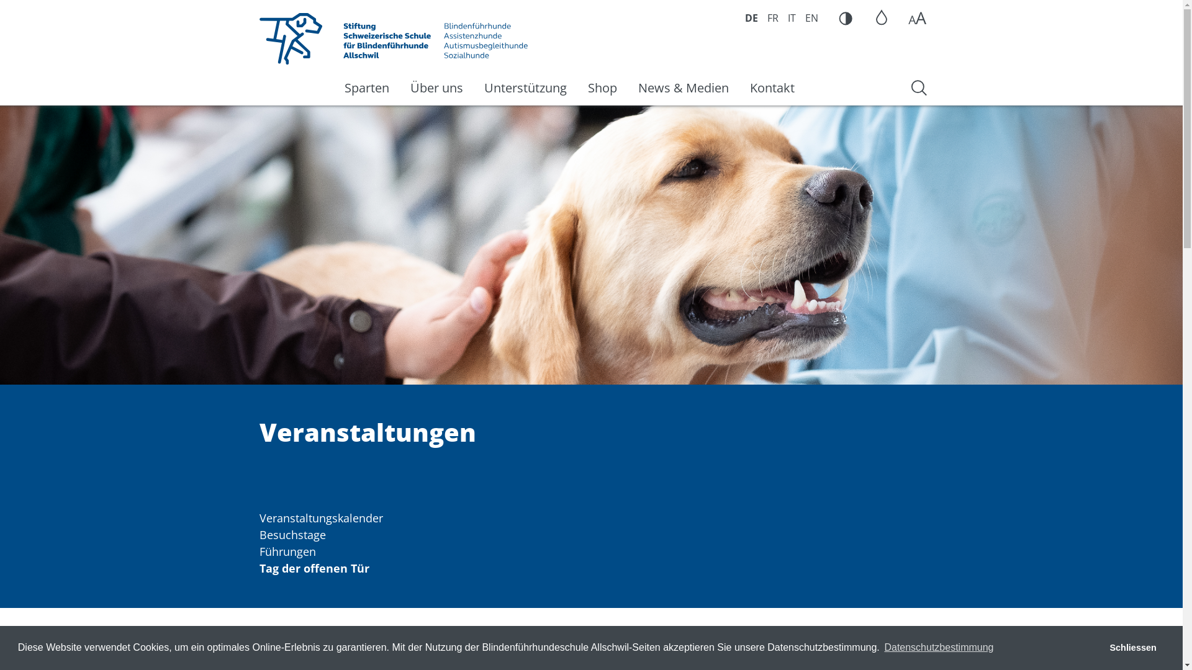  Describe the element at coordinates (745, 18) in the screenshot. I see `'DE'` at that location.